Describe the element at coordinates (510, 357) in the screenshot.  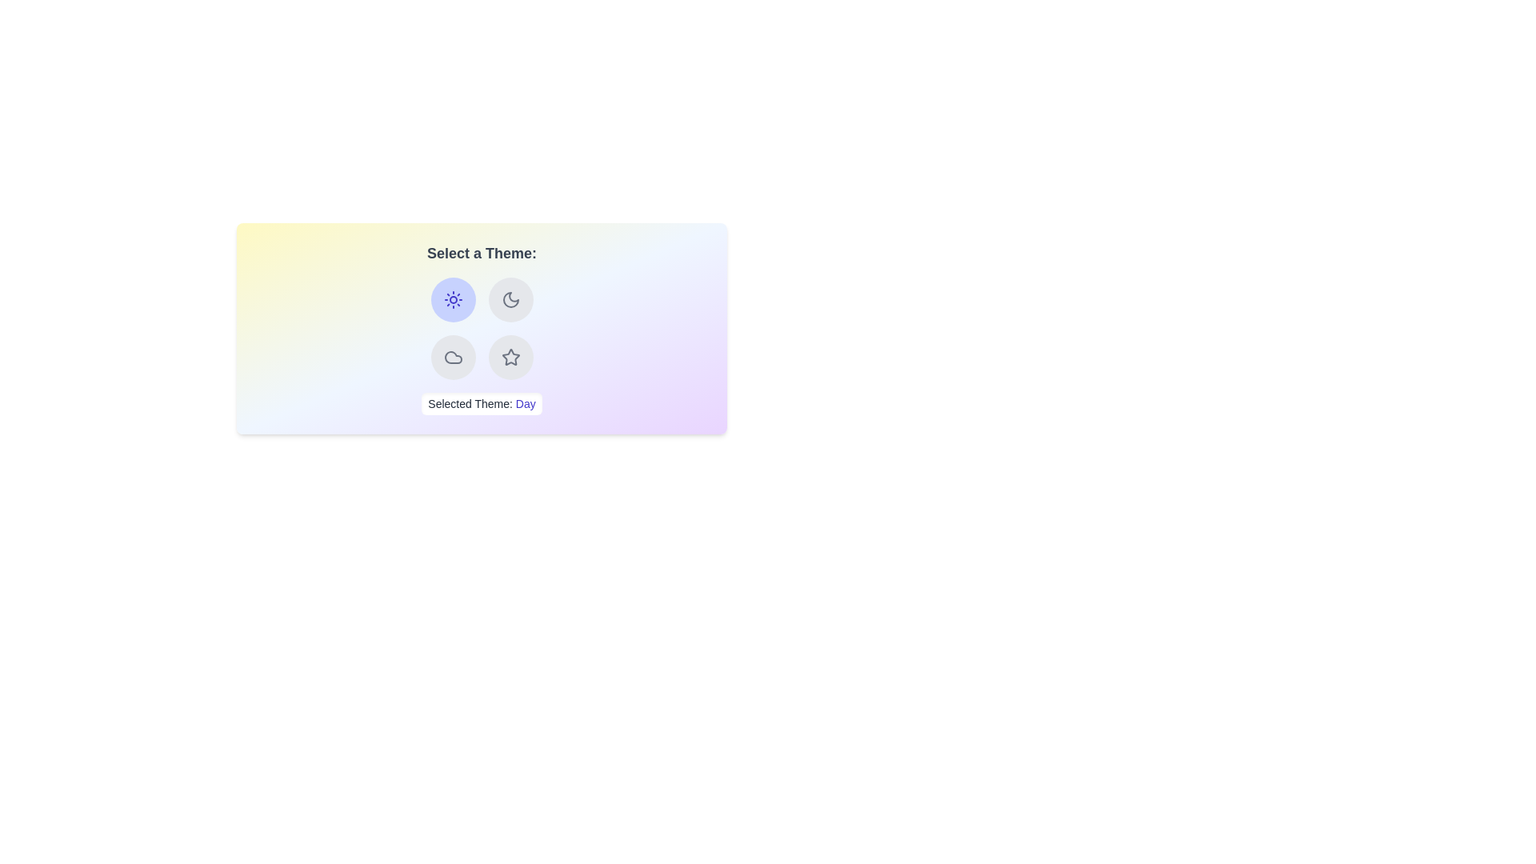
I see `the theme button Starry to observe the hover effect` at that location.